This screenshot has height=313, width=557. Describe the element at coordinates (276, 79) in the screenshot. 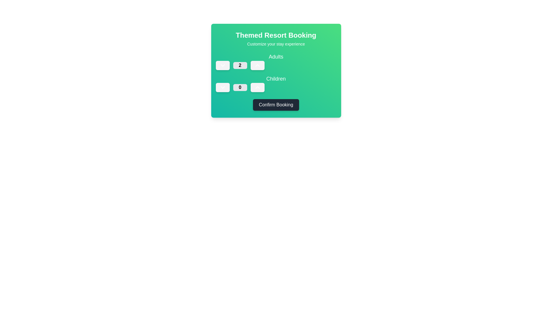

I see `the 'Children' text label, which is styled with a large font size and white color on a green gradient background, located below the 'Adults' label and above the numeric input for selecting the number of children` at that location.